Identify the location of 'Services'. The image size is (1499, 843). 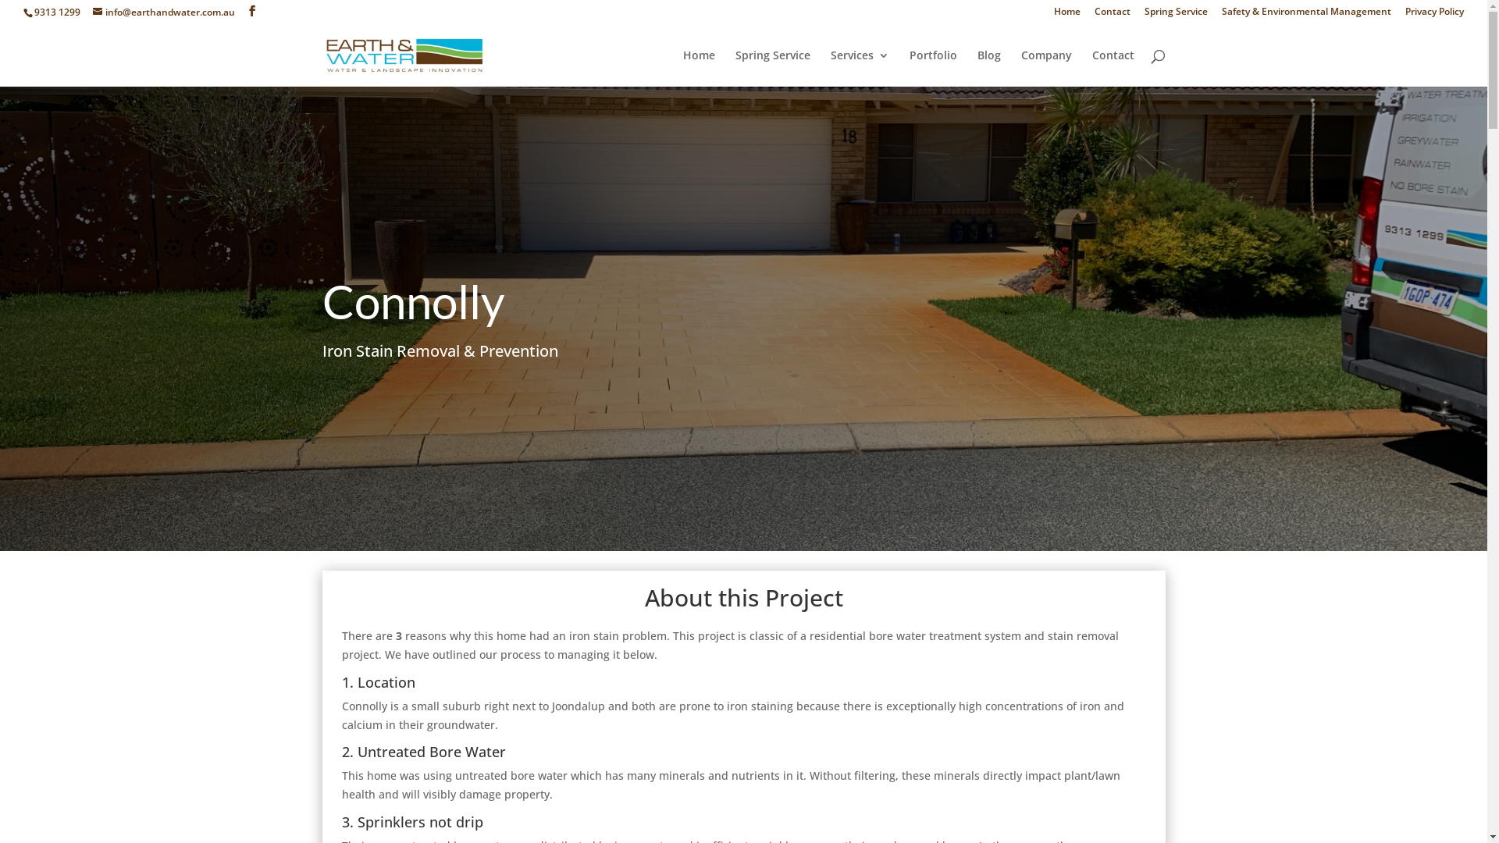
(859, 67).